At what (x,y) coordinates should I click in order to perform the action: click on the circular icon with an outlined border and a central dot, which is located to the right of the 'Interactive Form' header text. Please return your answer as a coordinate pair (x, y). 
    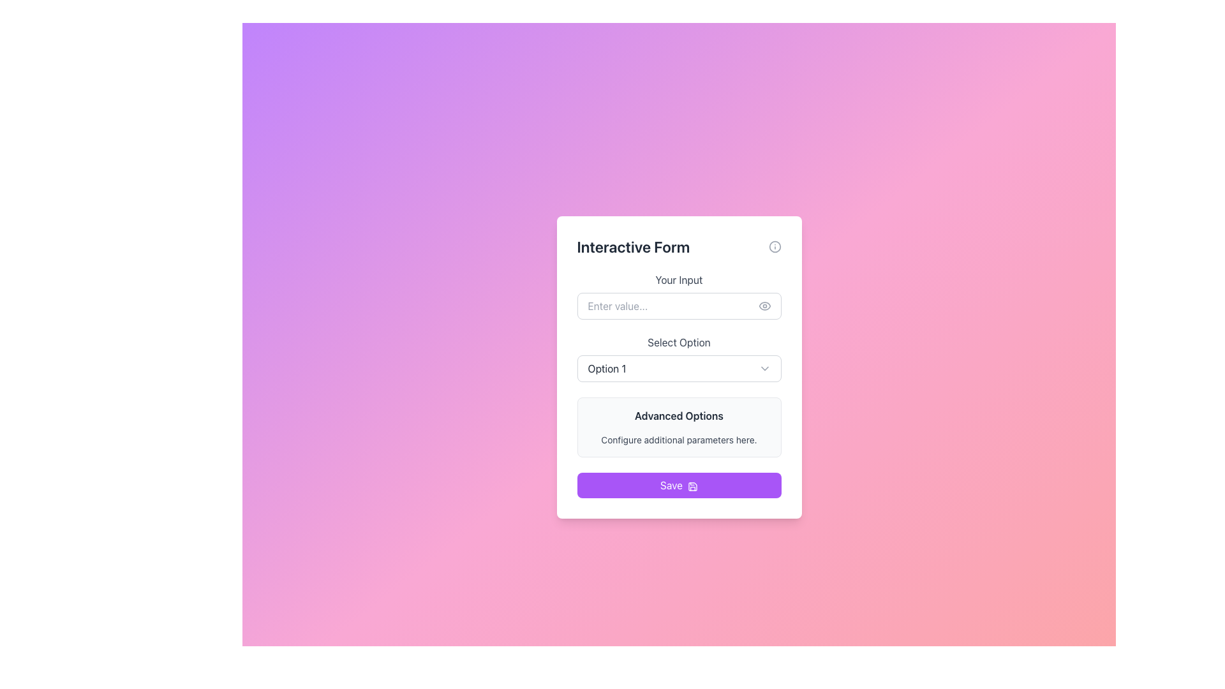
    Looking at the image, I should click on (774, 246).